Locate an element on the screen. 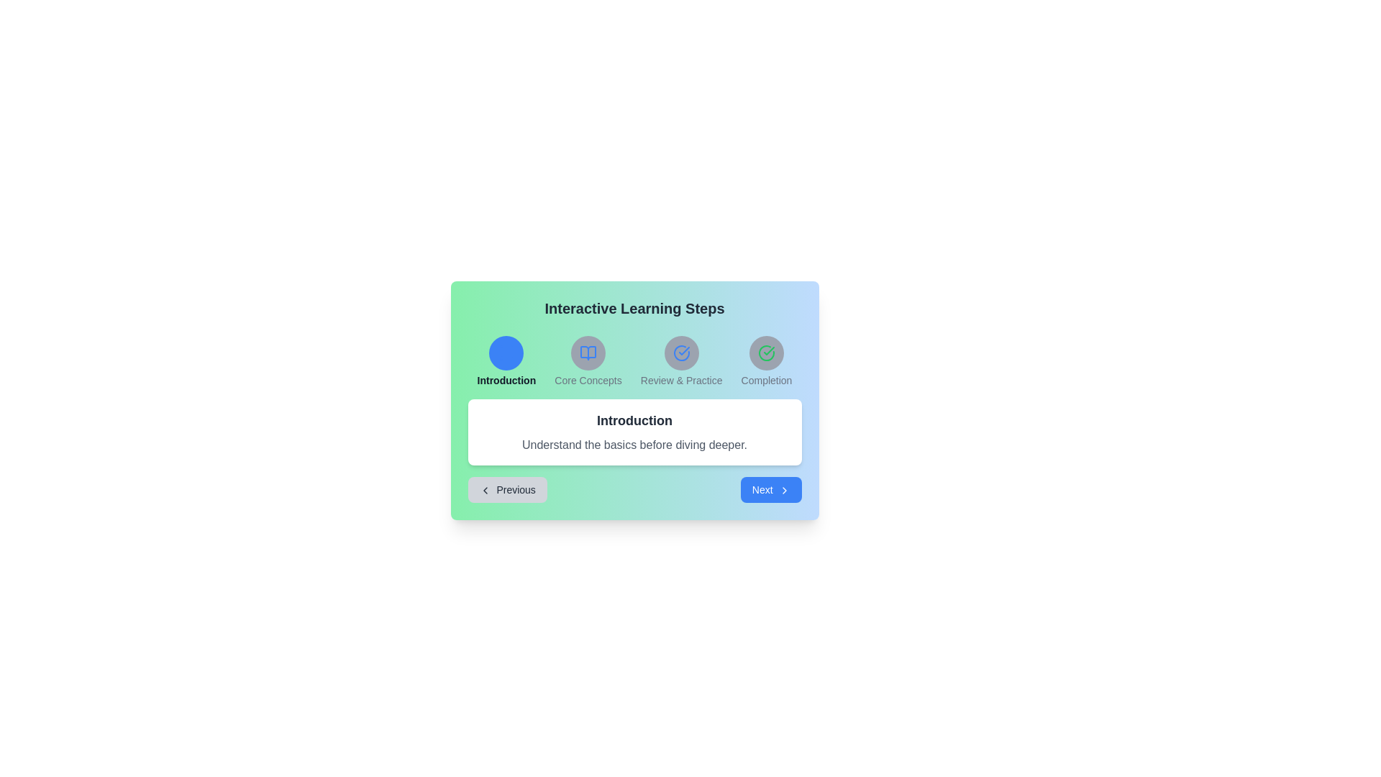 The width and height of the screenshot is (1381, 777). the circular button with a gray background and a green checkmark icon, which indicates completion, located in the top section of the interface as the fourth element in a row of similar buttons is located at coordinates (765, 353).